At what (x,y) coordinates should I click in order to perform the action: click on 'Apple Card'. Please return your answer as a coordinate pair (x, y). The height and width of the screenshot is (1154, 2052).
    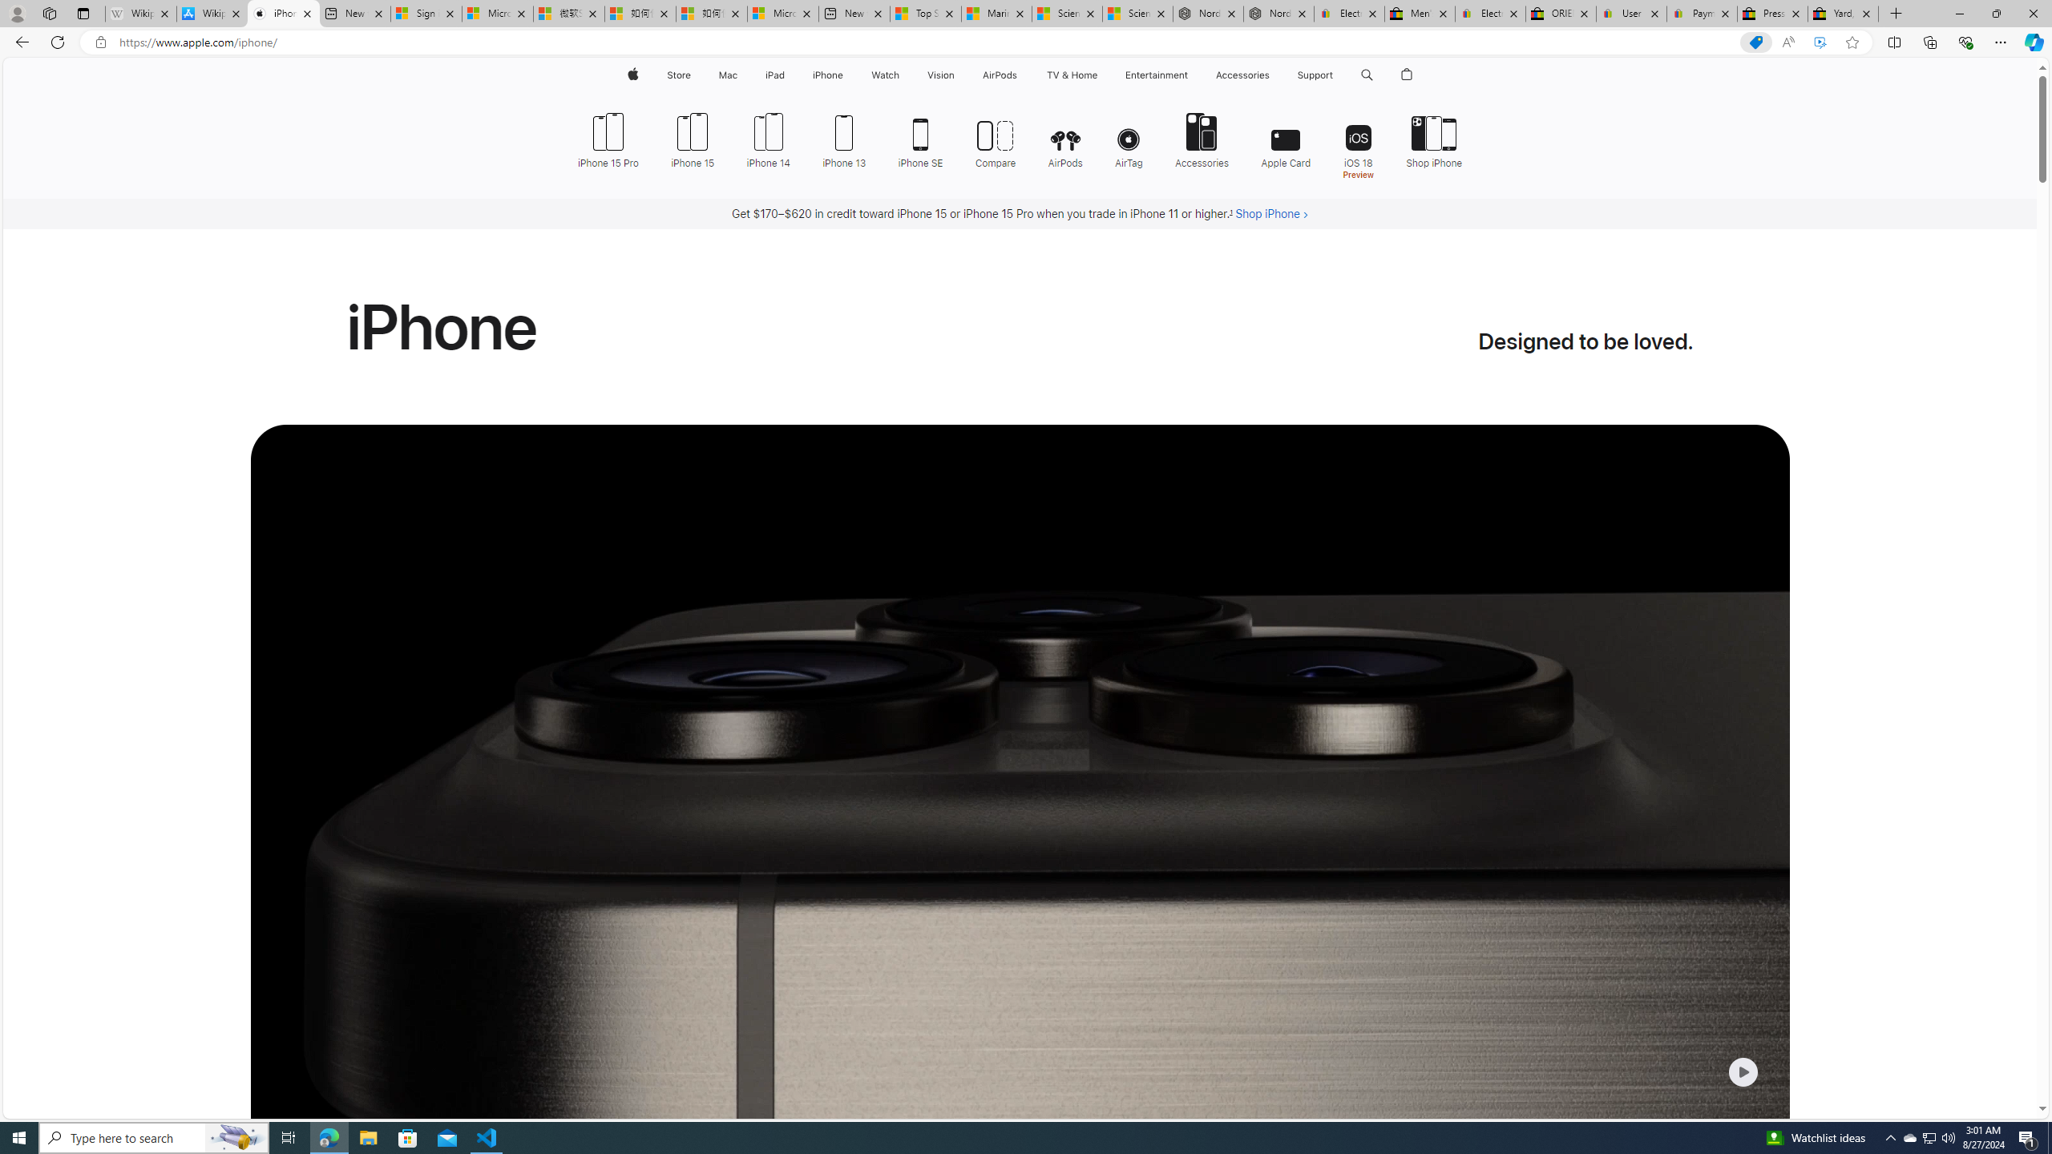
    Looking at the image, I should click on (1287, 138).